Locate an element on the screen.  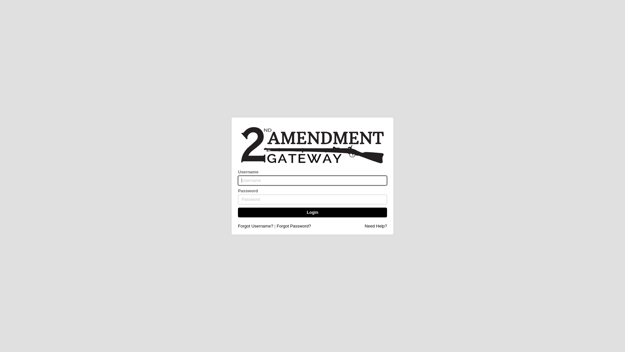
'Forgot Username?' is located at coordinates (255, 226).